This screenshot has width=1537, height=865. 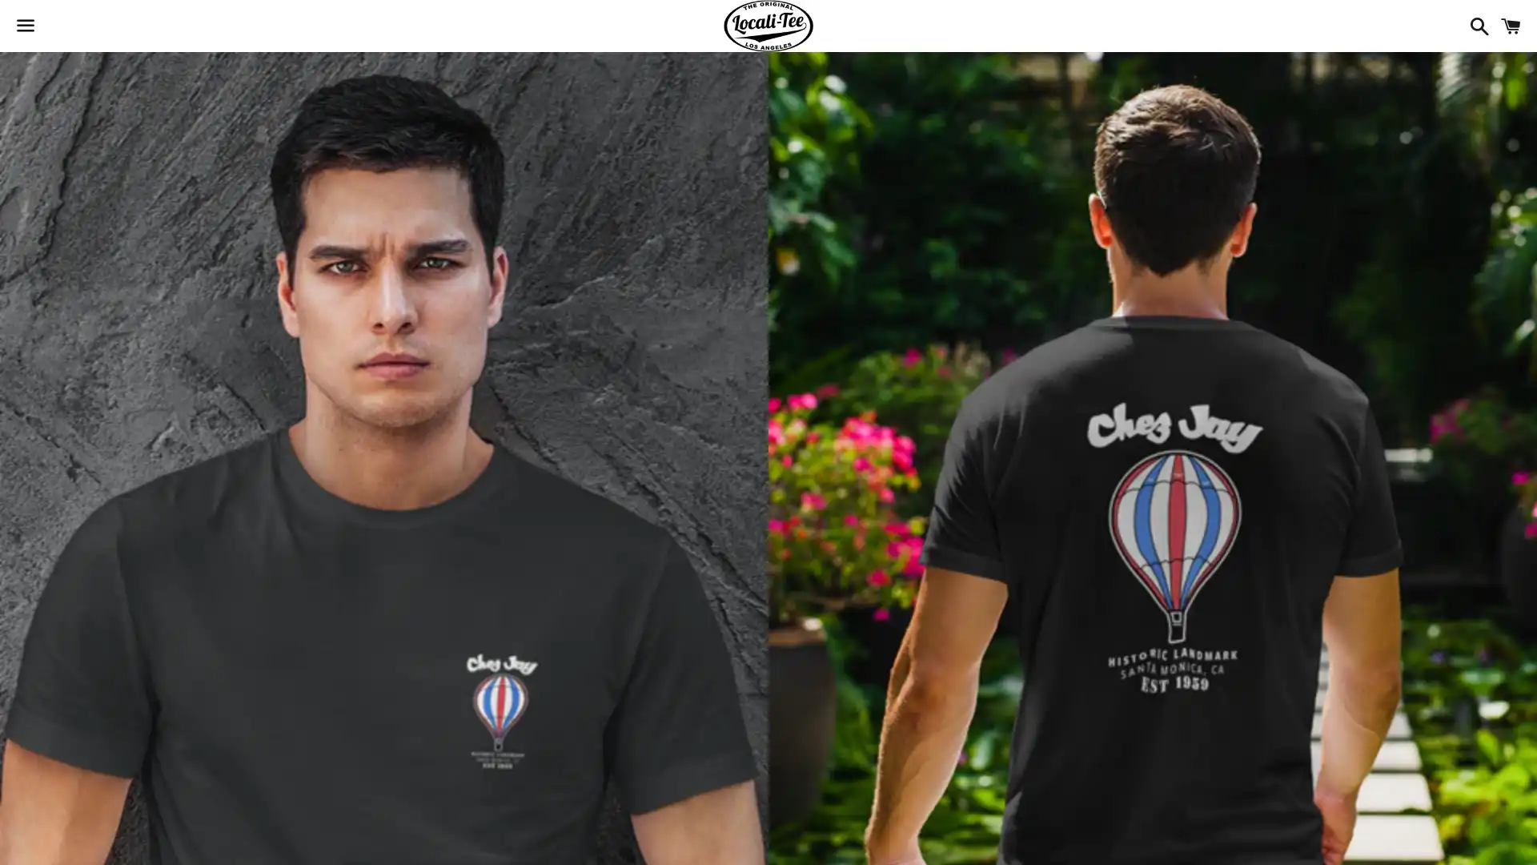 I want to click on Menu, so click(x=26, y=25).